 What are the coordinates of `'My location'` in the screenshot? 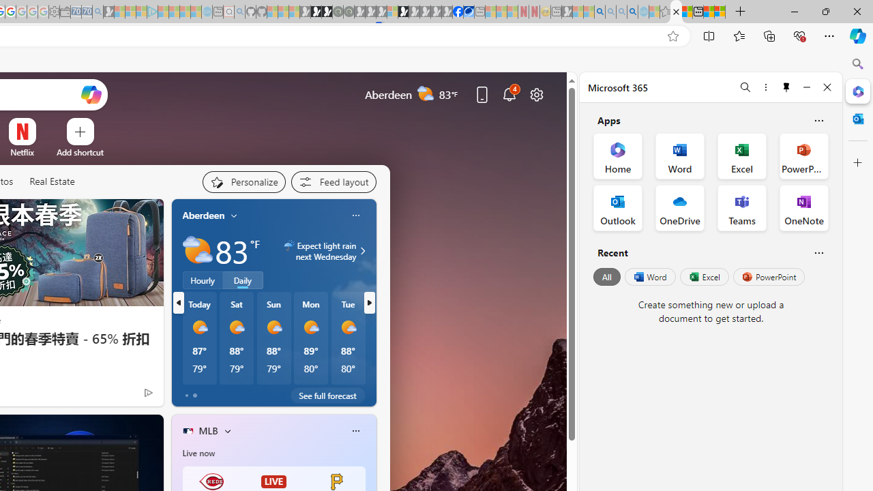 It's located at (234, 215).